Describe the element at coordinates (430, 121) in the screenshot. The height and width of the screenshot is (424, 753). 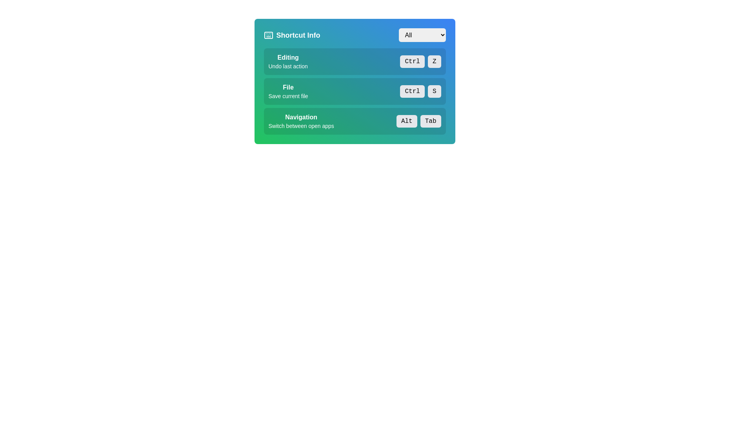
I see `the 'Tab' button, a rectangular button-like component with a light gray background and black text, located in the 'Navigation' section of the UI` at that location.